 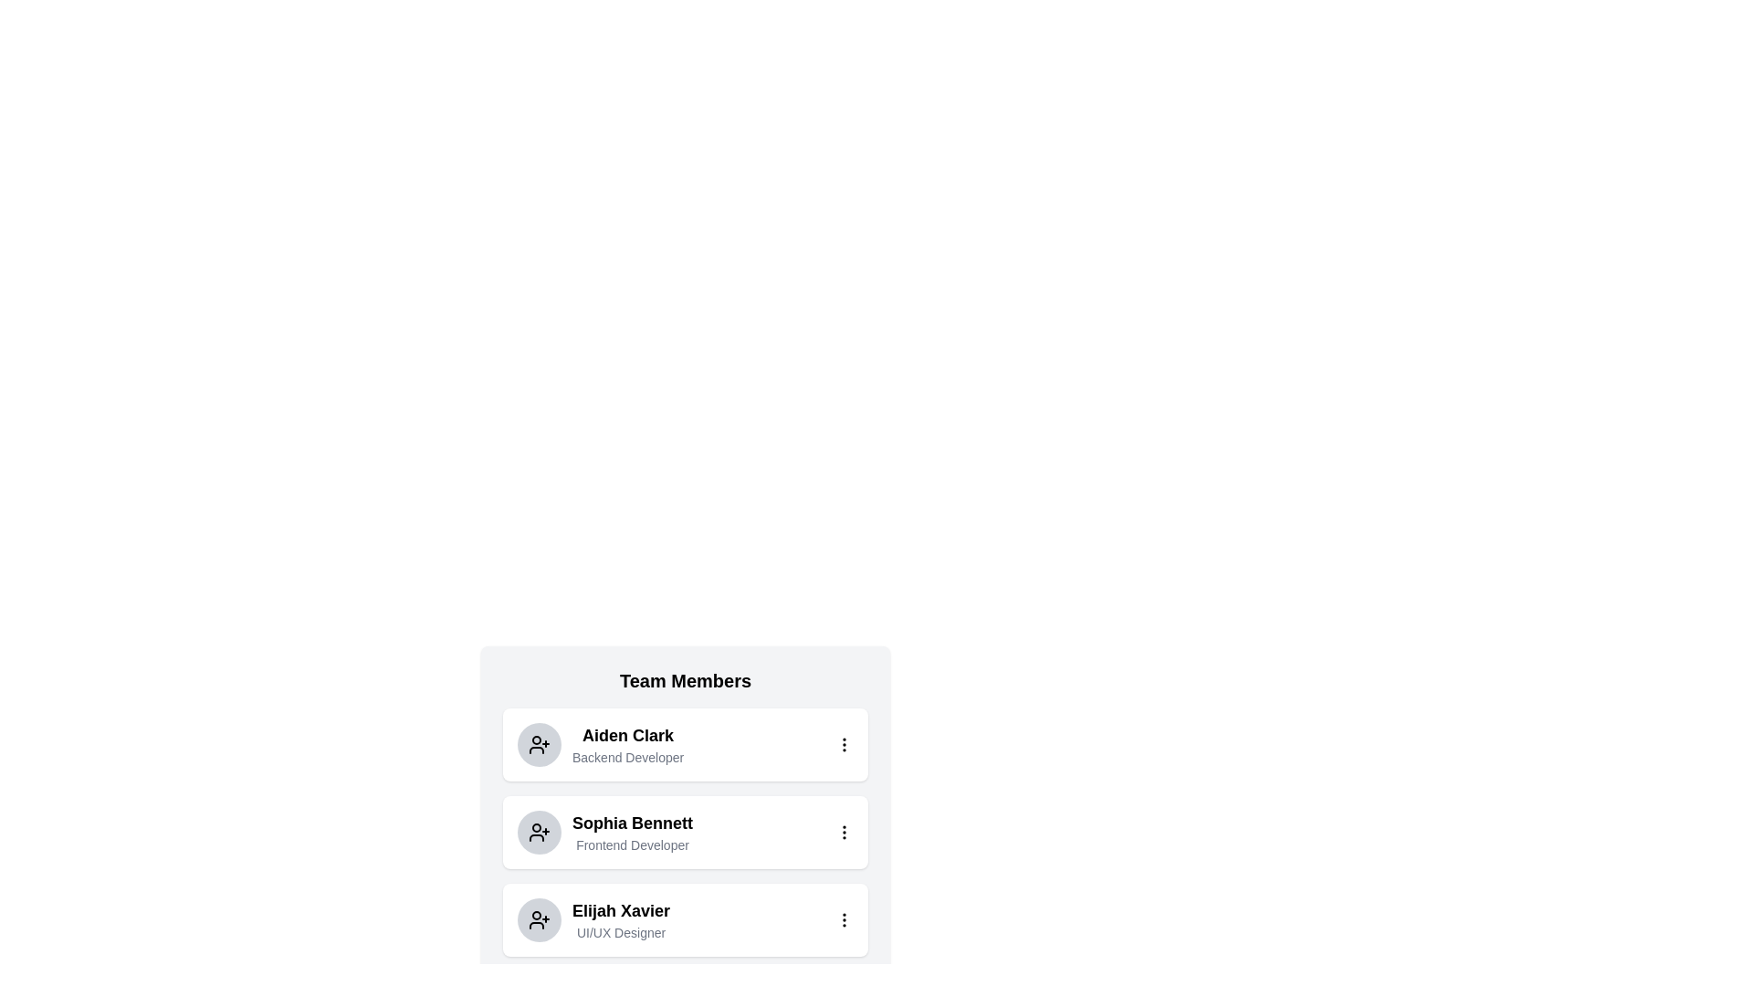 I want to click on the User Profile Block for 'Aiden Clark', a Backend Developer, so click(x=601, y=745).